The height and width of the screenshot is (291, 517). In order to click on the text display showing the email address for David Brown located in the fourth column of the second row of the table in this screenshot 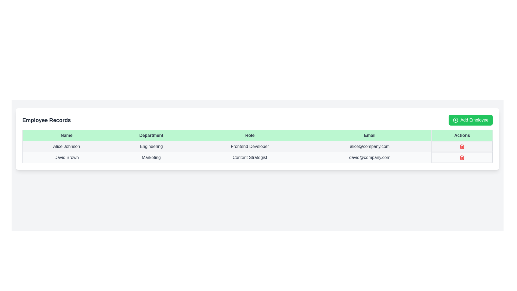, I will do `click(369, 158)`.